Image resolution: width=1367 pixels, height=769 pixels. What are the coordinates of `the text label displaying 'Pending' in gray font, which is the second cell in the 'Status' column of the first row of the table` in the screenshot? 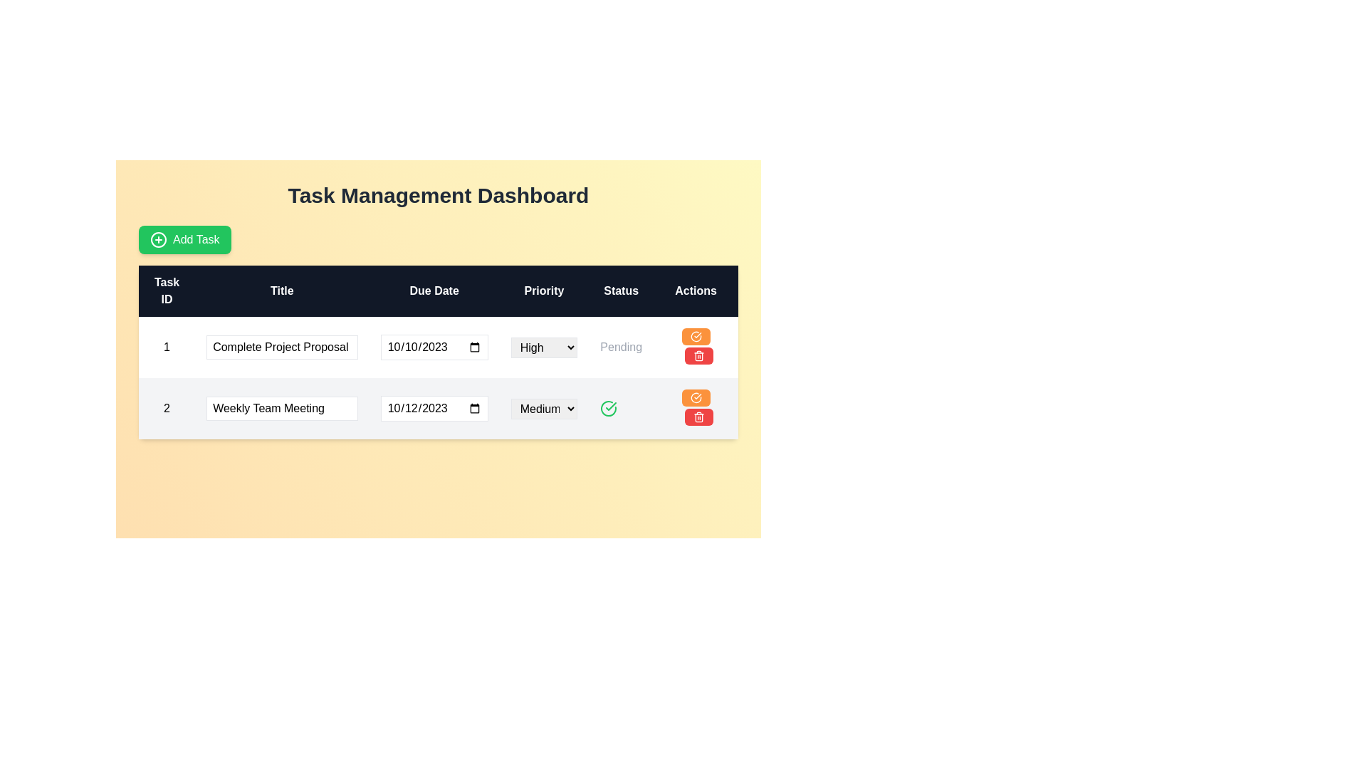 It's located at (621, 347).